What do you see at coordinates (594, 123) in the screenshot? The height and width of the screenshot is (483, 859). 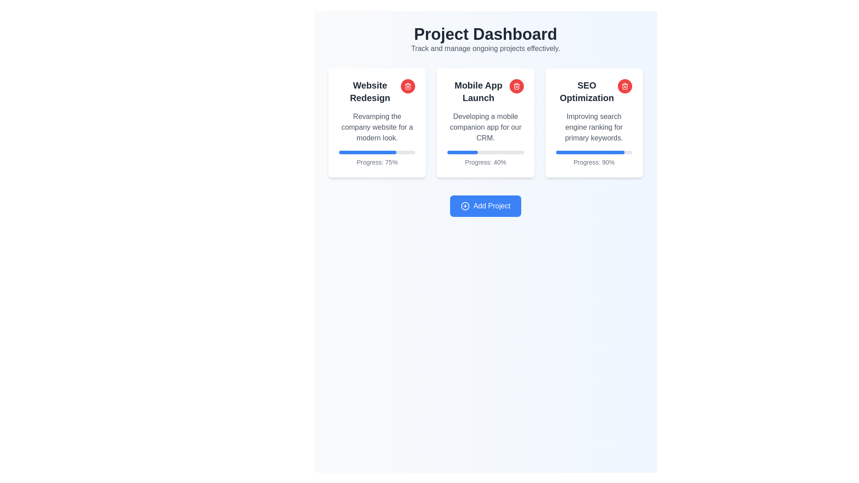 I see `the SEO optimization project card, which is the third card in a horizontal collection under the 'Project Dashboard' header` at bounding box center [594, 123].